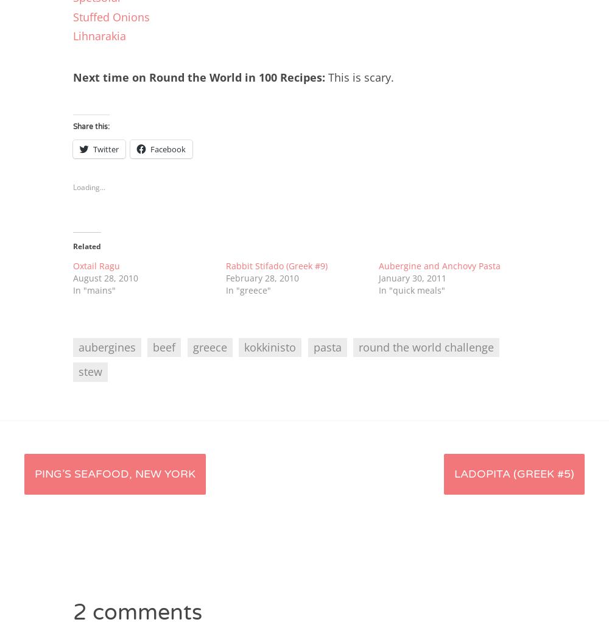 The height and width of the screenshot is (622, 609). What do you see at coordinates (106, 148) in the screenshot?
I see `'Twitter'` at bounding box center [106, 148].